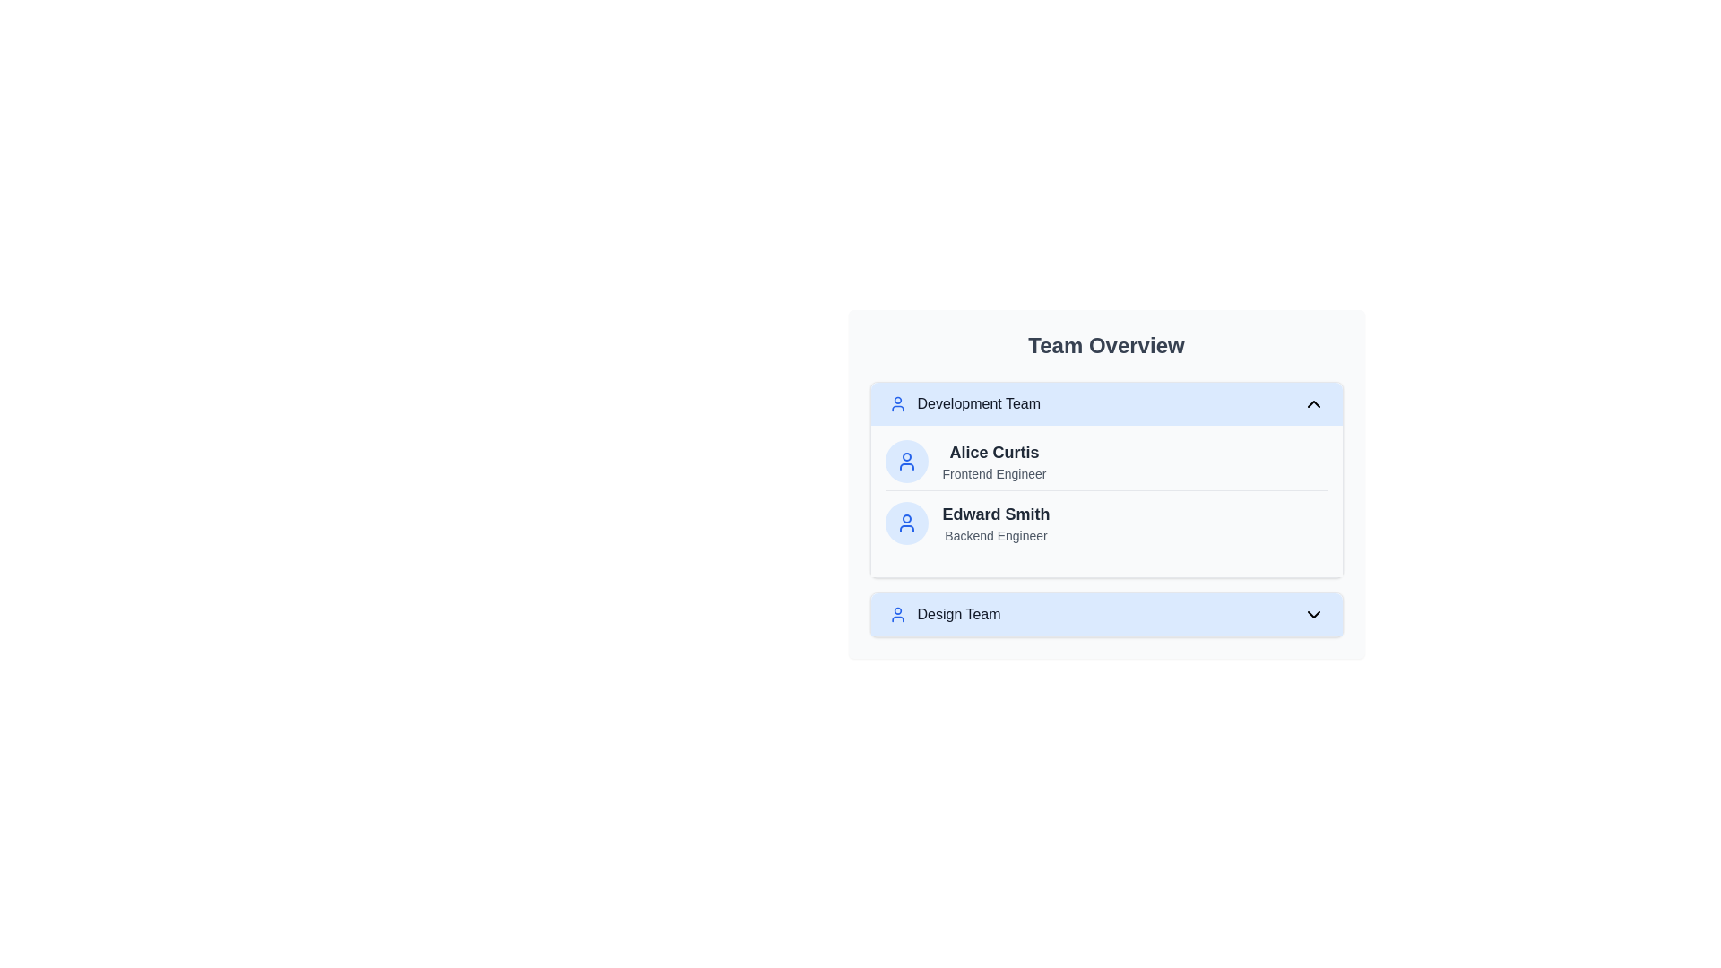 The width and height of the screenshot is (1721, 968). What do you see at coordinates (906, 461) in the screenshot?
I see `the icon representing Alice Curtis to observe its state` at bounding box center [906, 461].